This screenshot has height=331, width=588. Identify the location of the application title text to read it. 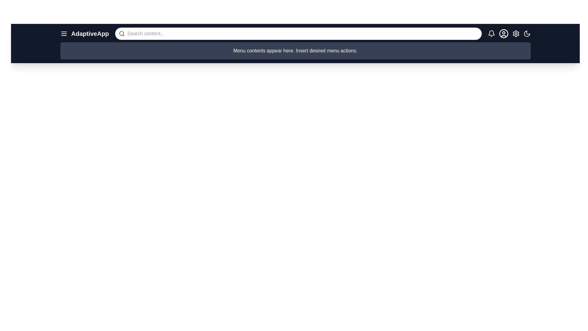
(90, 34).